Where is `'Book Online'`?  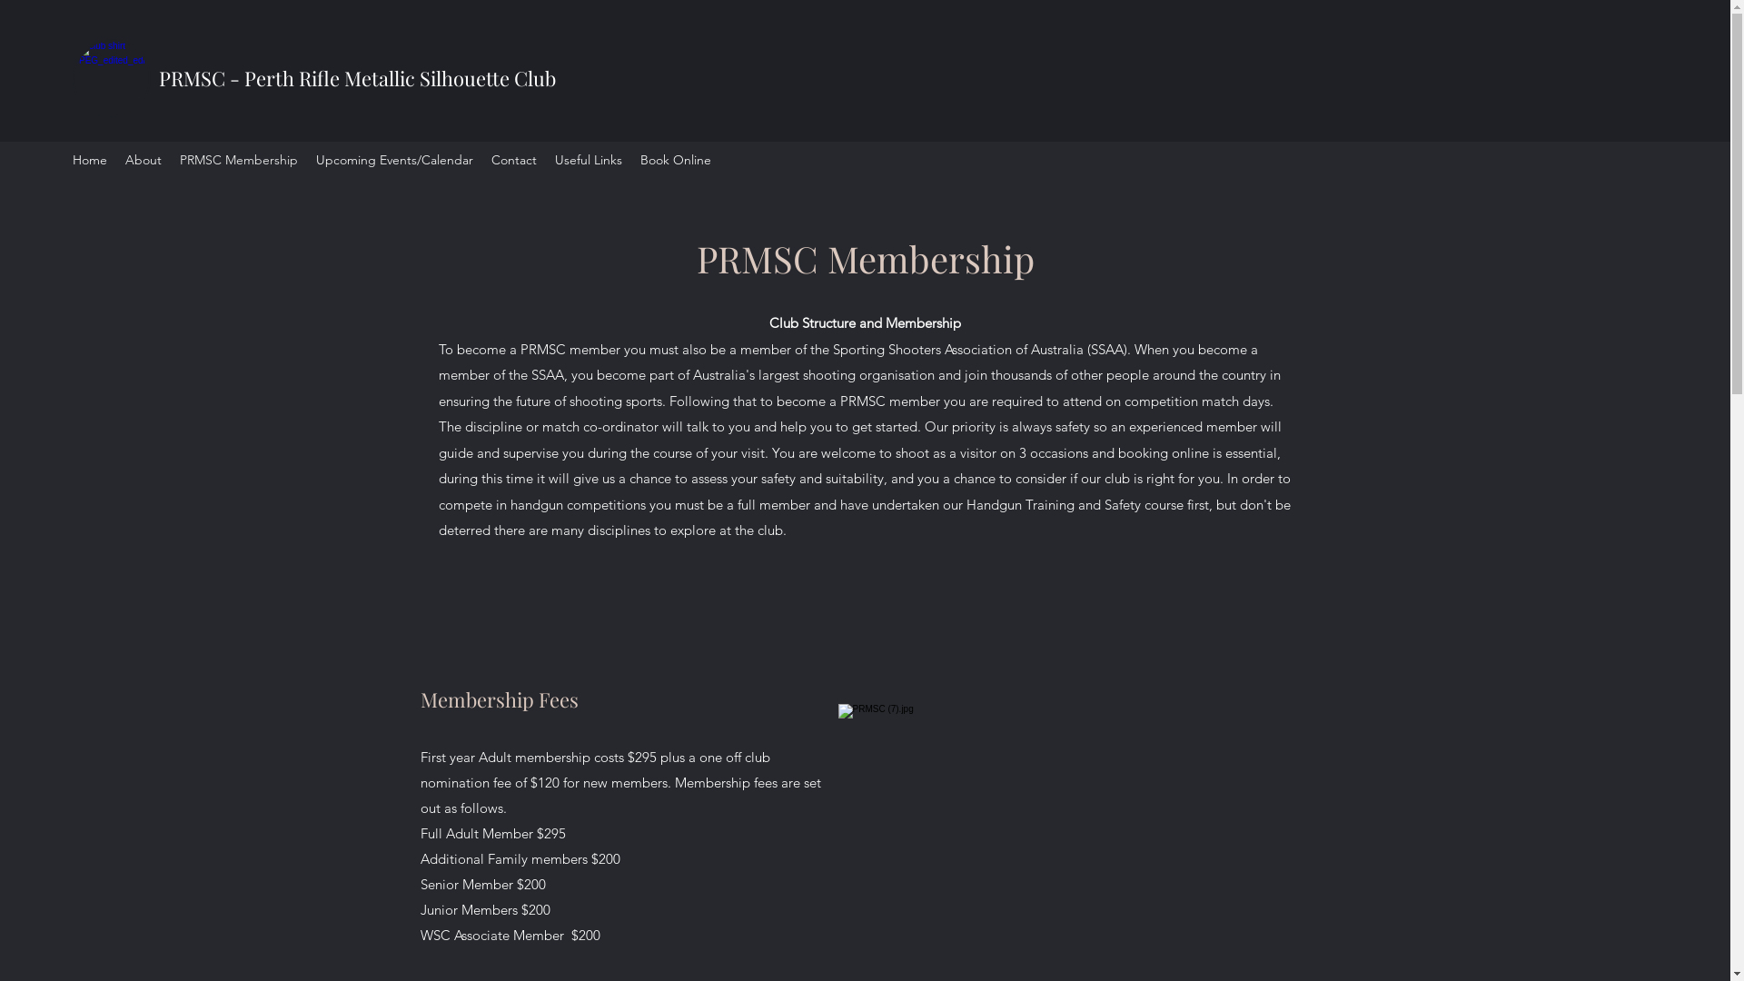
'Book Online' is located at coordinates (675, 159).